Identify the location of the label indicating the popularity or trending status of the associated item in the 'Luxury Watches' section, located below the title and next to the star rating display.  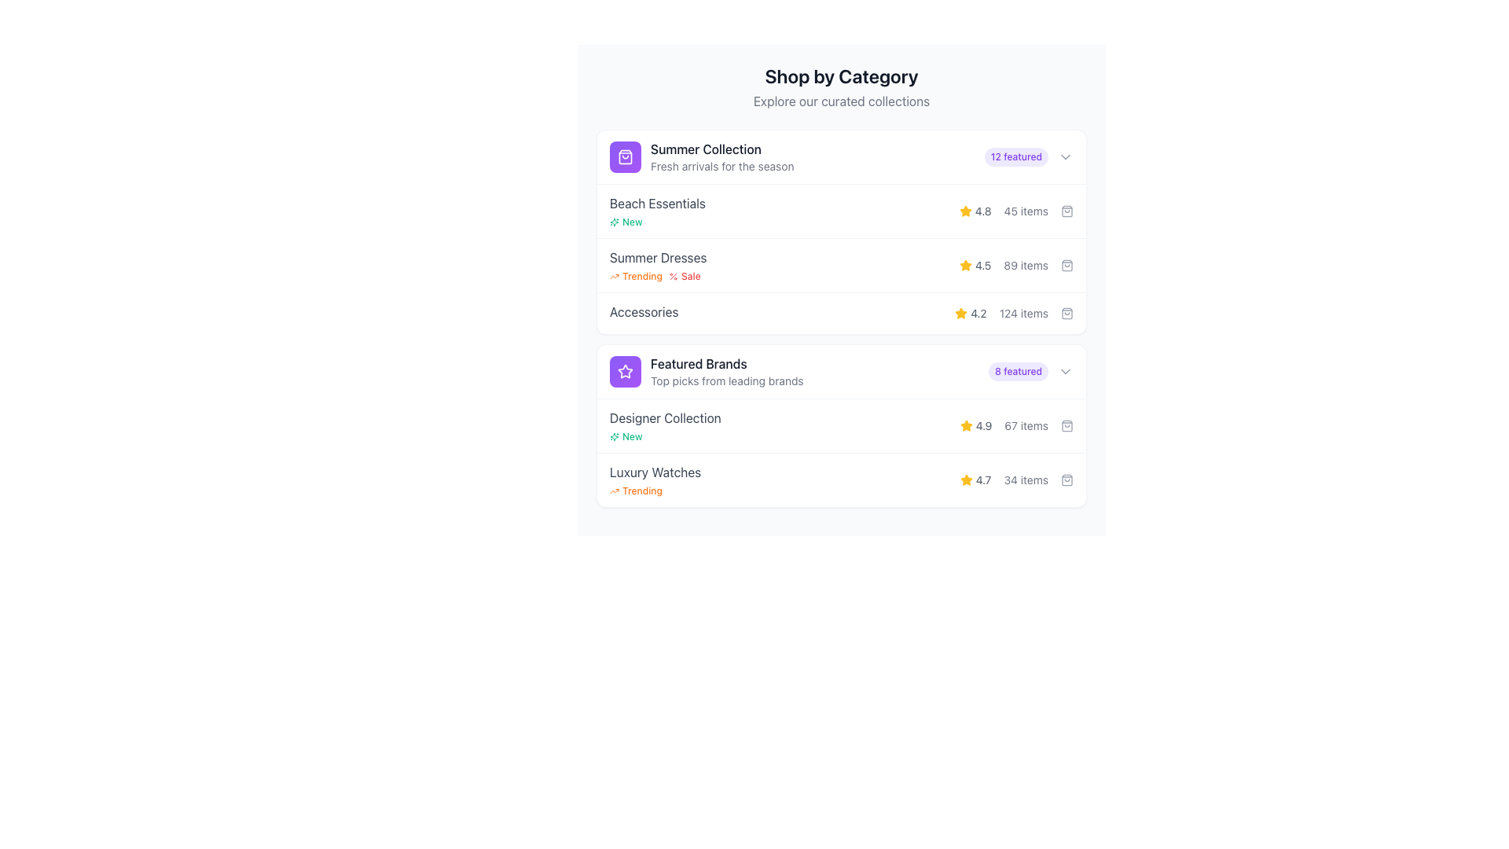
(655, 490).